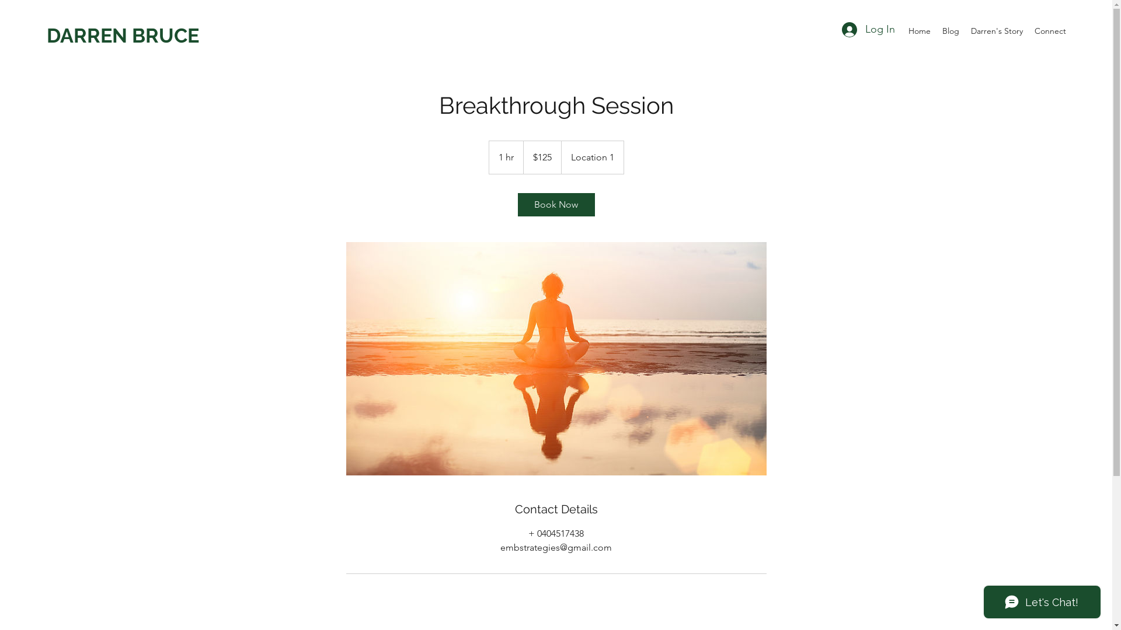 This screenshot has width=1121, height=630. What do you see at coordinates (918, 30) in the screenshot?
I see `'Home'` at bounding box center [918, 30].